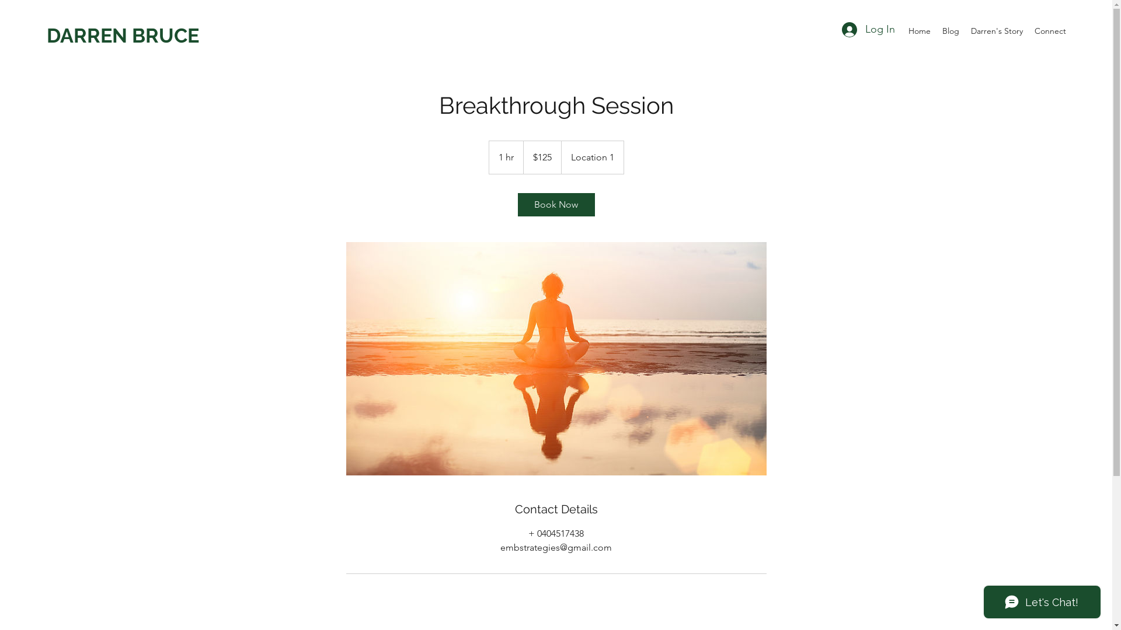 This screenshot has width=1121, height=630. What do you see at coordinates (918, 30) in the screenshot?
I see `'Home'` at bounding box center [918, 30].